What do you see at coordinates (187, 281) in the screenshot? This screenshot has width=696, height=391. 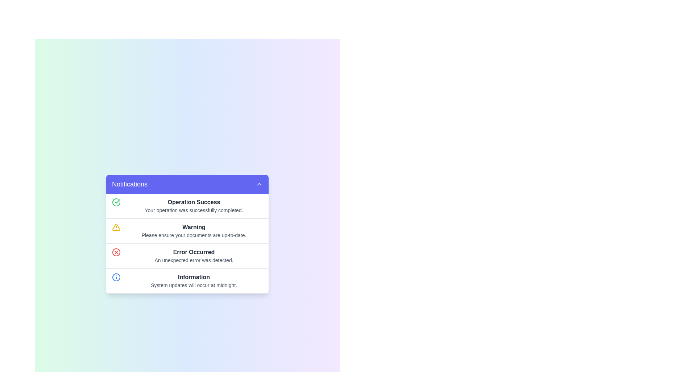 I see `the notification block titled 'Information' which contains details about system updates` at bounding box center [187, 281].